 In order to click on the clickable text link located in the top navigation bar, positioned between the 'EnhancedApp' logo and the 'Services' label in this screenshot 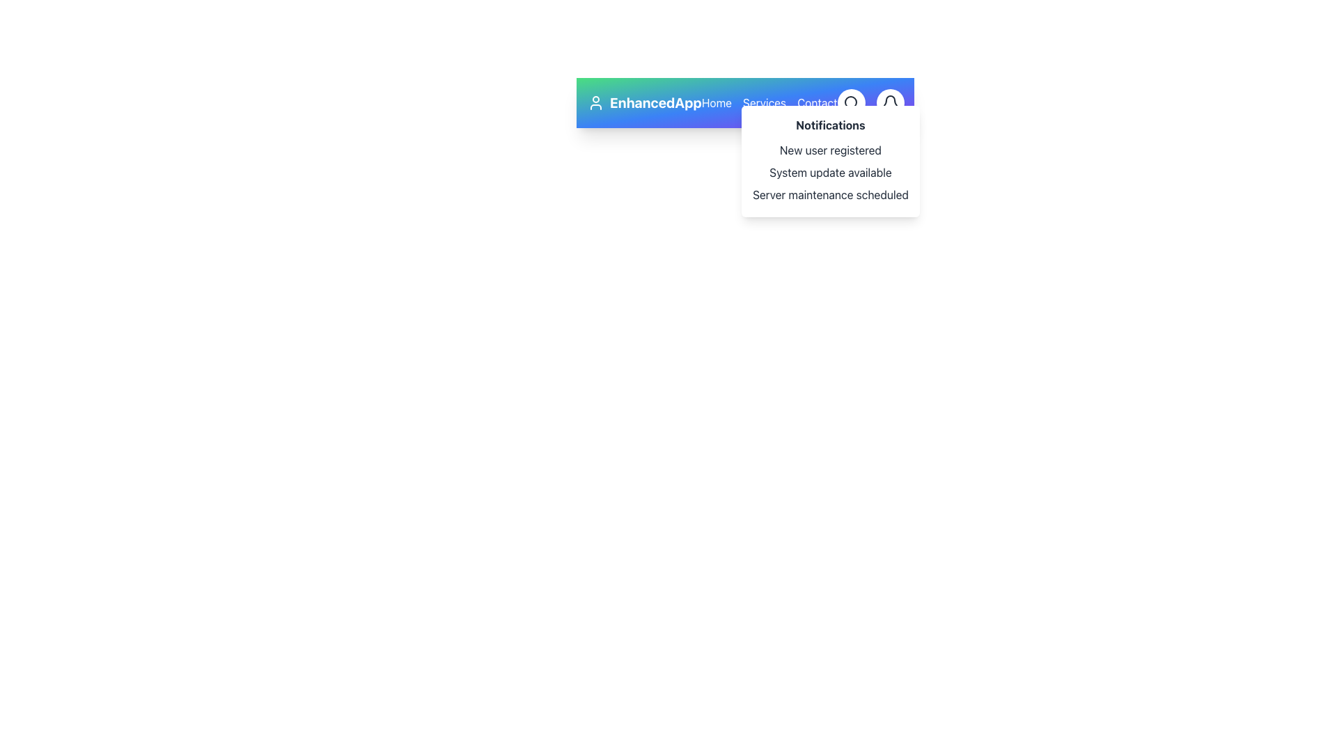, I will do `click(717, 102)`.